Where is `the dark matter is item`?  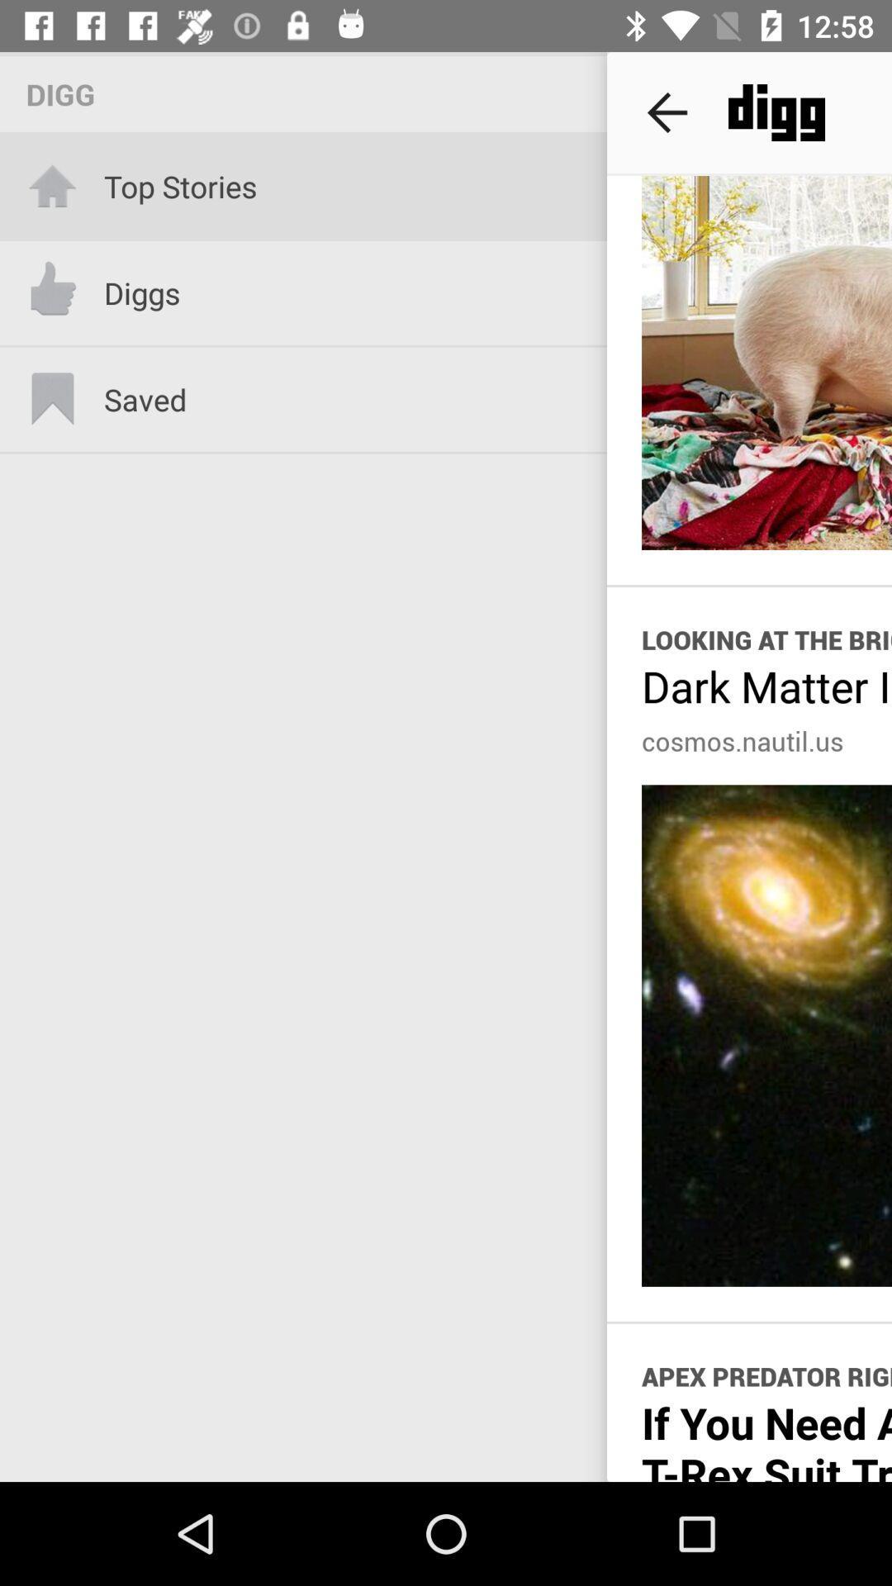
the dark matter is item is located at coordinates (766, 686).